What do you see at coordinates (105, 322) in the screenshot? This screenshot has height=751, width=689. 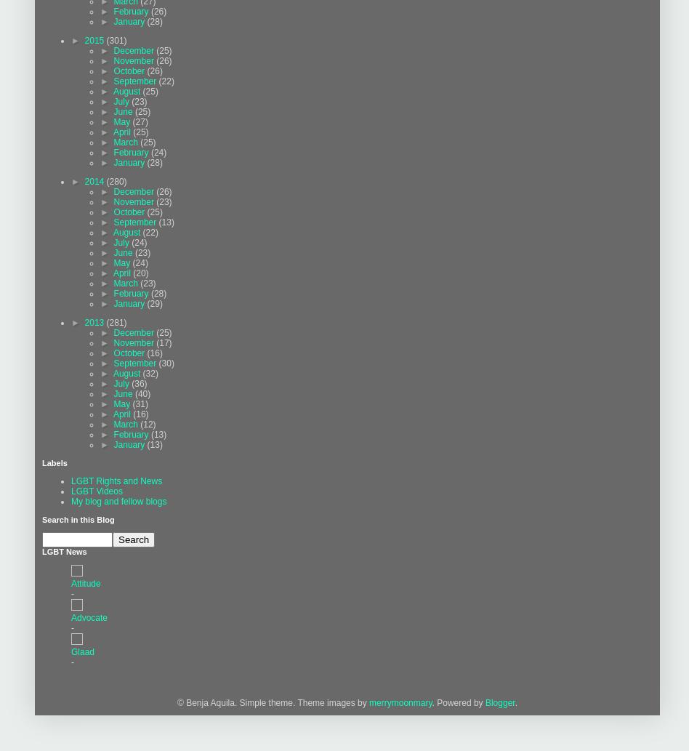 I see `'(281)'` at bounding box center [105, 322].